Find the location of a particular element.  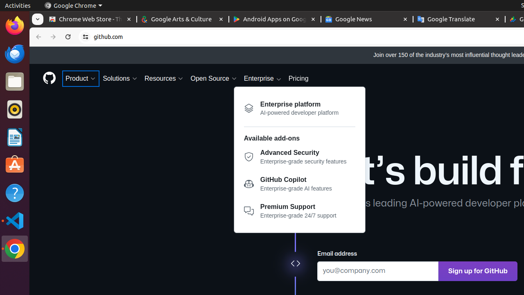

'Google Arts & Culture - Memory usage - 60.0 MB' is located at coordinates (182, 19).